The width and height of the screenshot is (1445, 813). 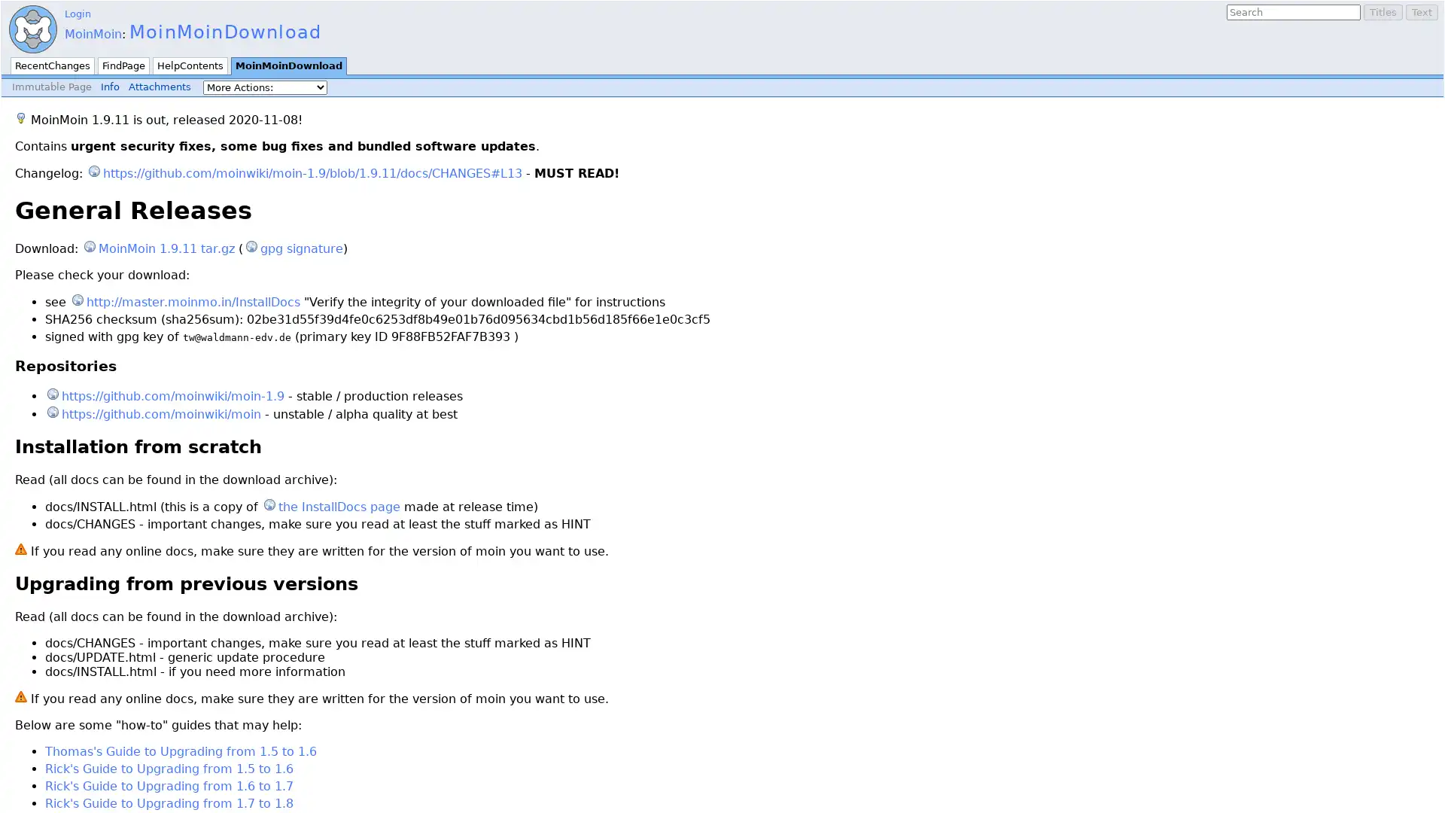 I want to click on Titles, so click(x=1383, y=12).